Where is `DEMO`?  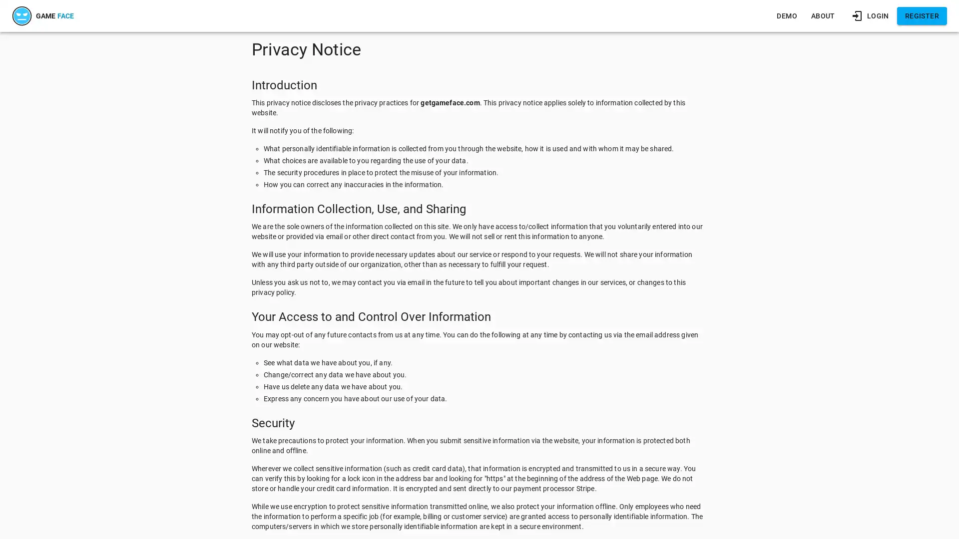 DEMO is located at coordinates (786, 15).